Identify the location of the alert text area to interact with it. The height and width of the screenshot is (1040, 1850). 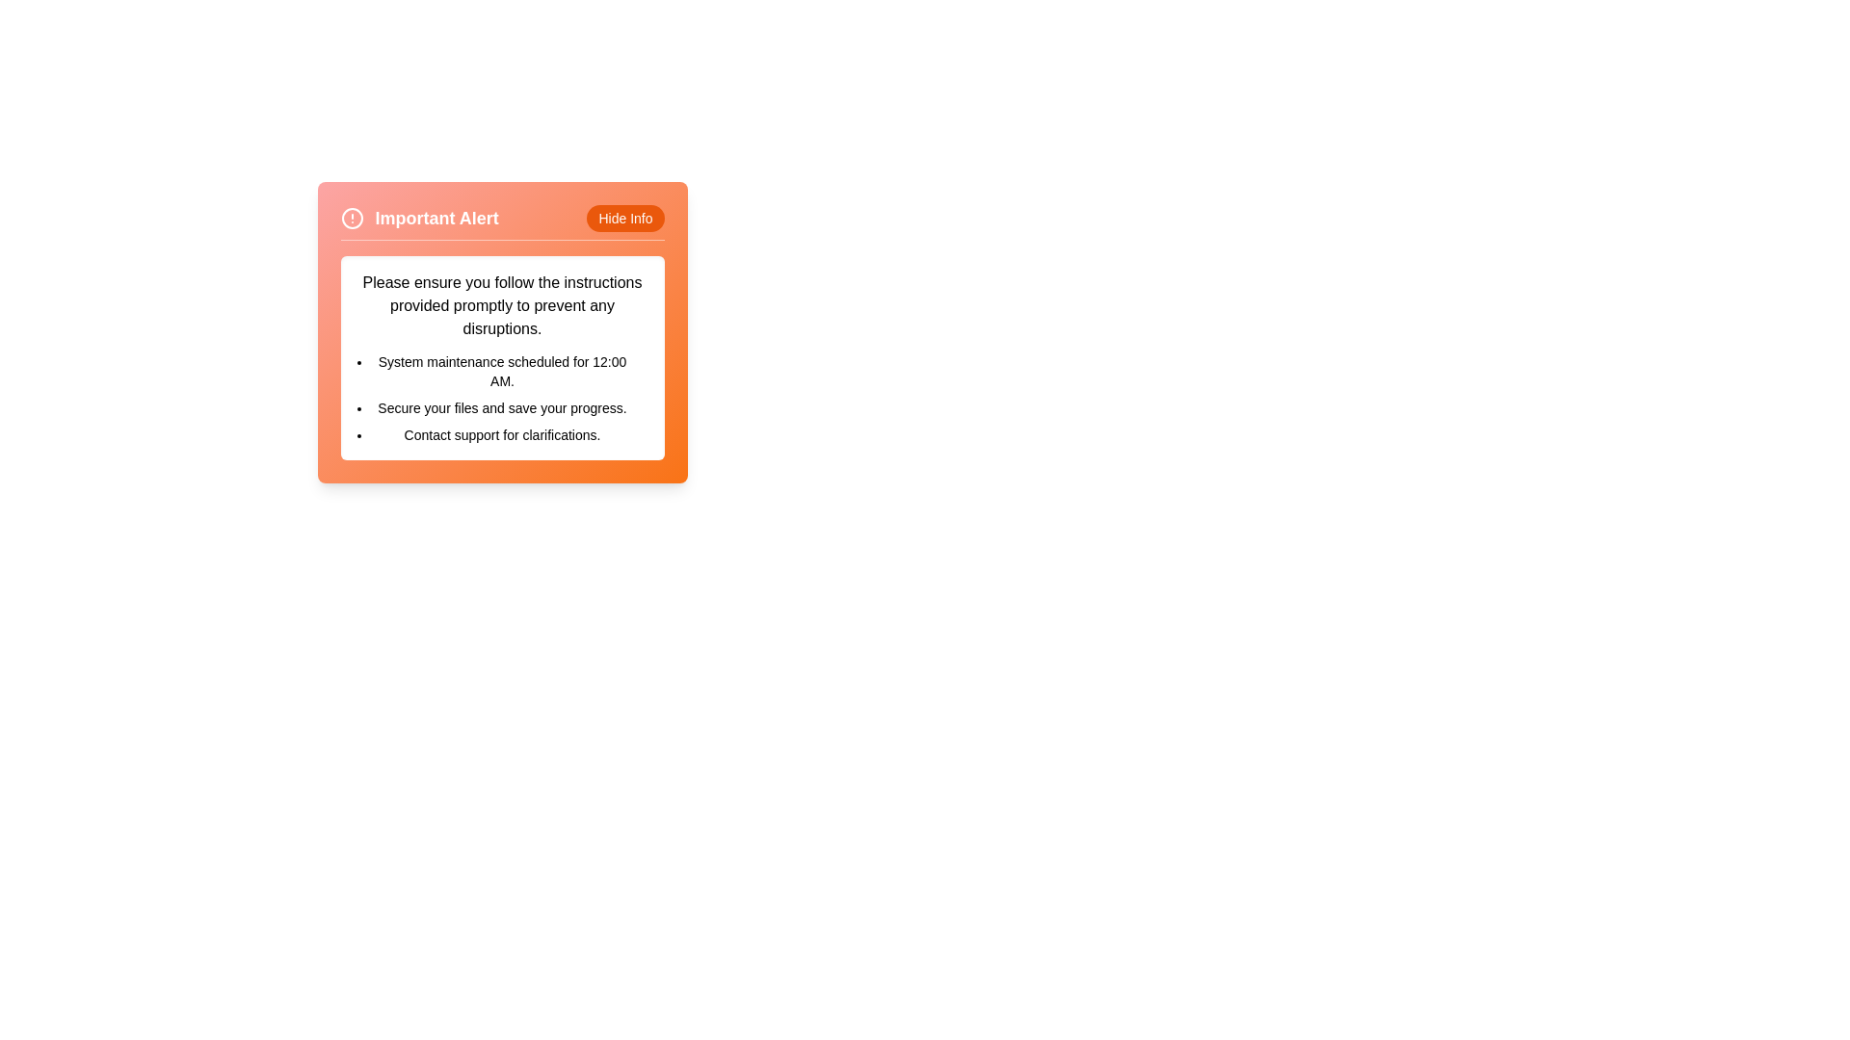
(502, 357).